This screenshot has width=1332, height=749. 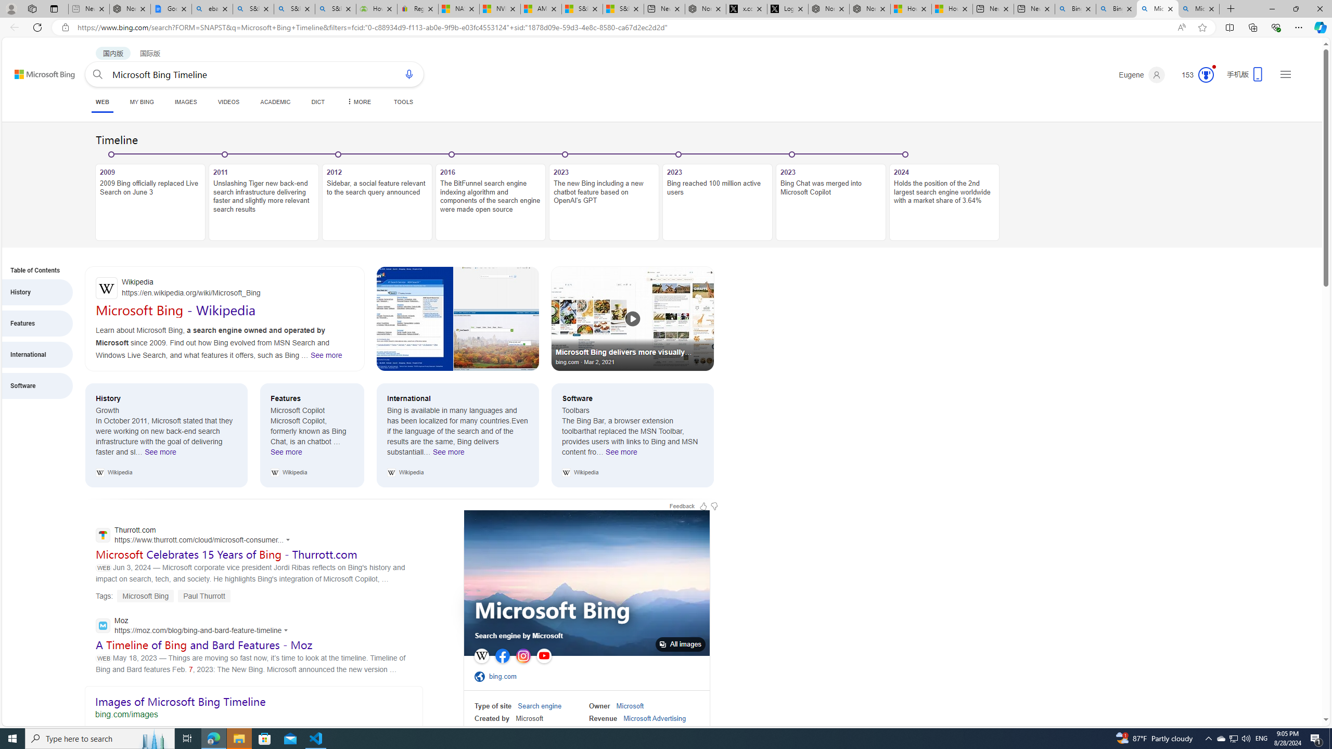 I want to click on 'S&P 500 - Search', so click(x=293, y=8).